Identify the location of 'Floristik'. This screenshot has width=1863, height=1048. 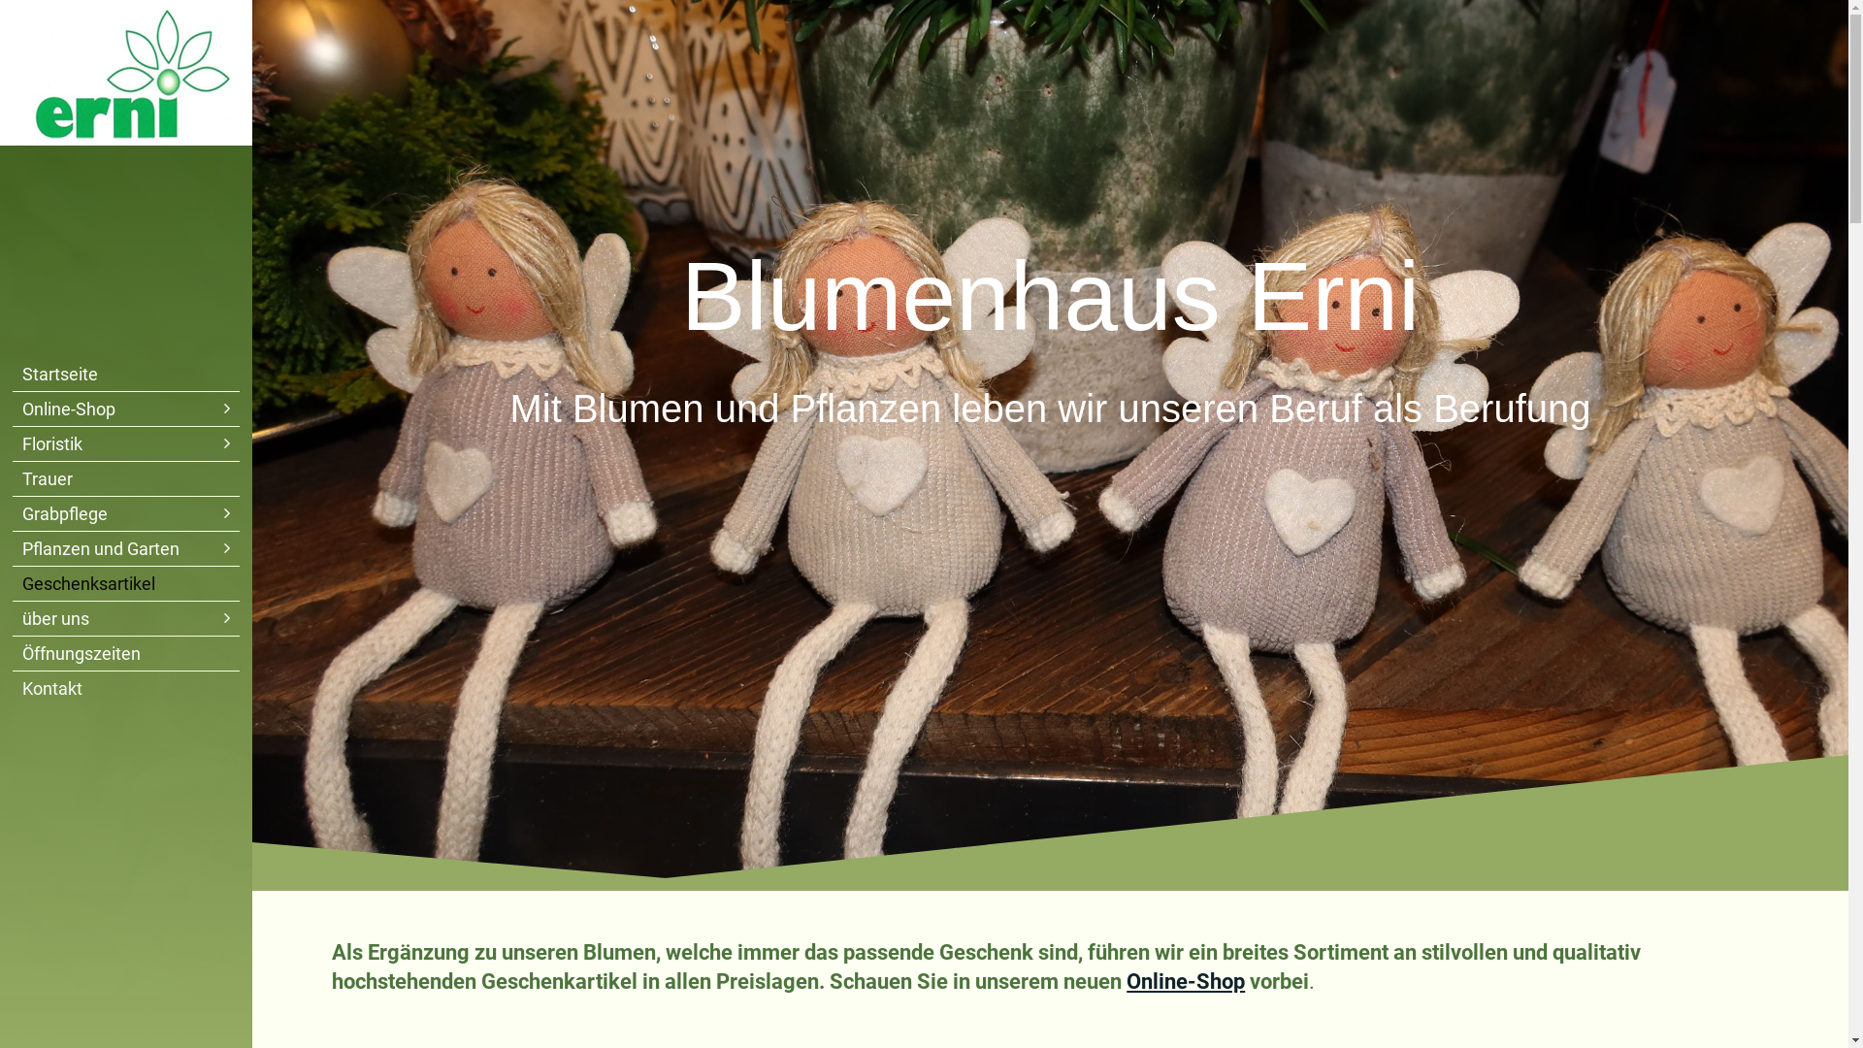
(124, 443).